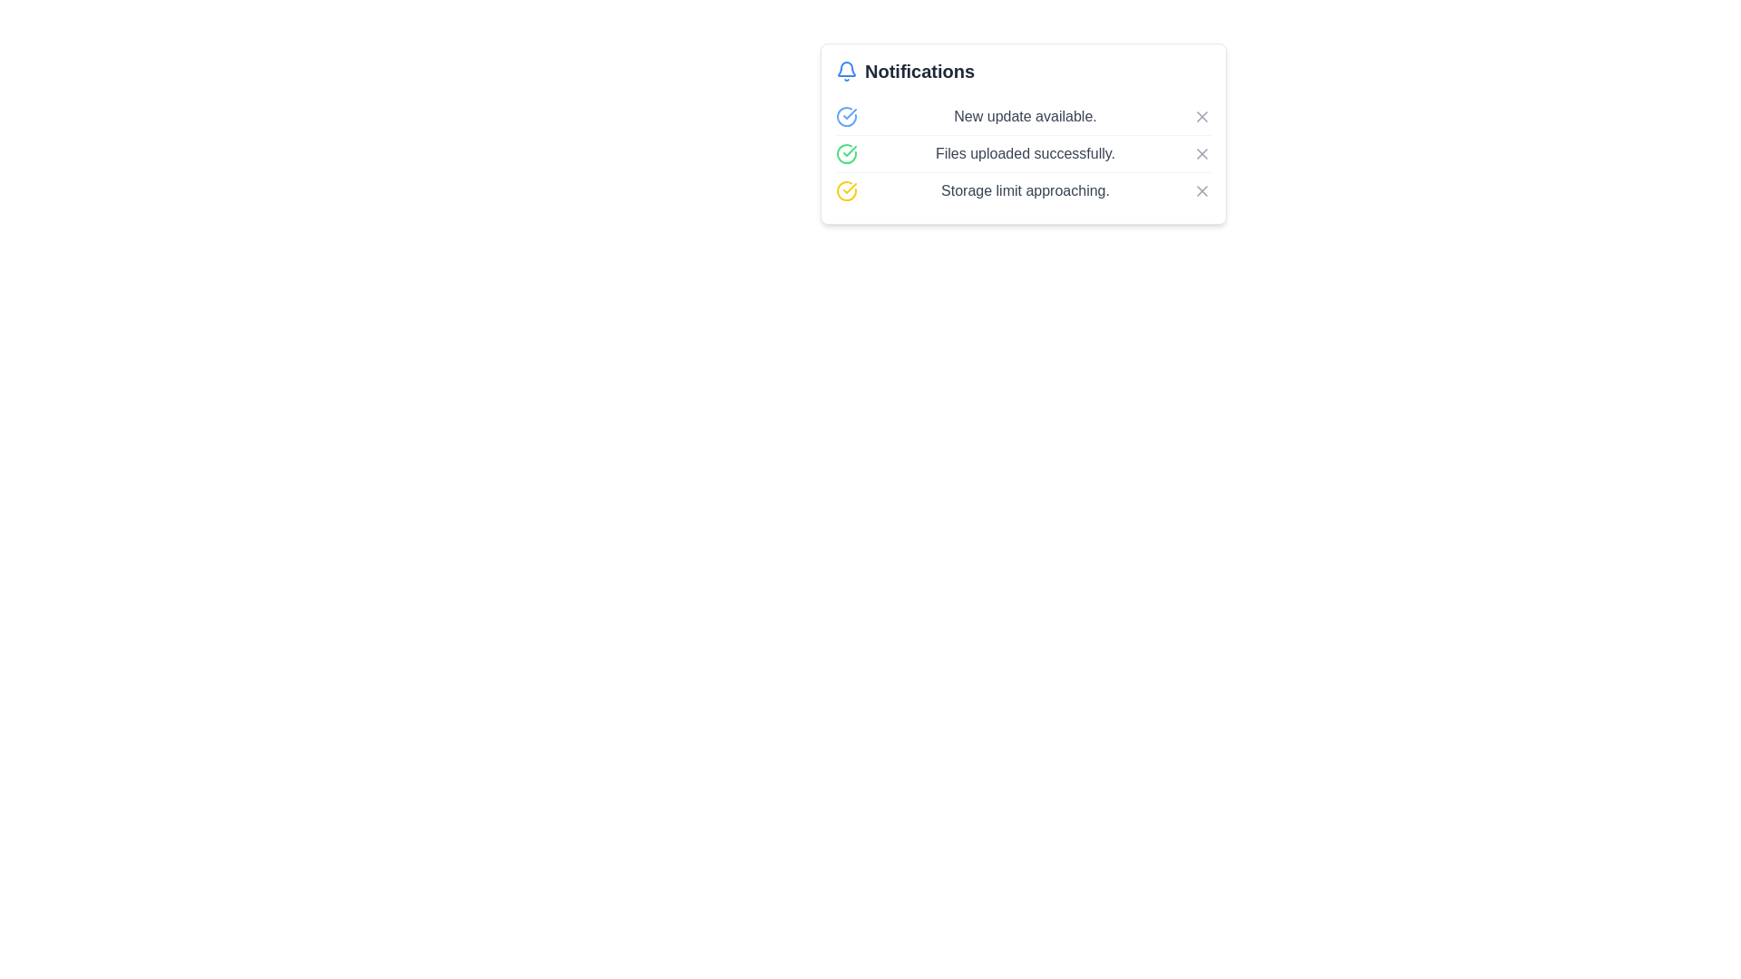  Describe the element at coordinates (1023, 152) in the screenshot. I see `the notification message indicating a successful file upload, which is centrally aligned and positioned between the 'New update available.' and 'Storage limit approaching.' notifications` at that location.